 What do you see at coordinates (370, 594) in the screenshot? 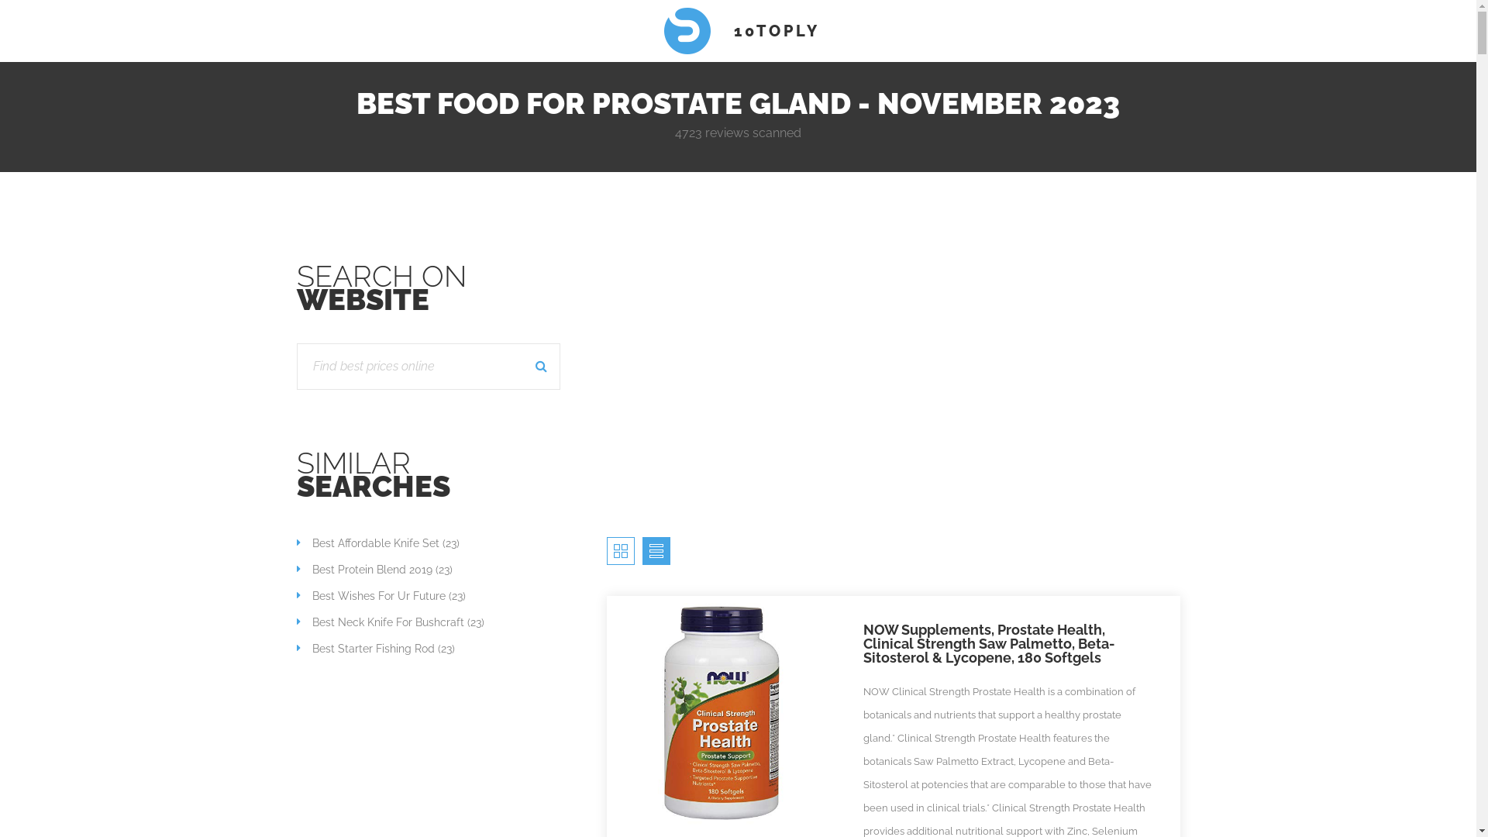
I see `'Best Wishes For Ur Future'` at bounding box center [370, 594].